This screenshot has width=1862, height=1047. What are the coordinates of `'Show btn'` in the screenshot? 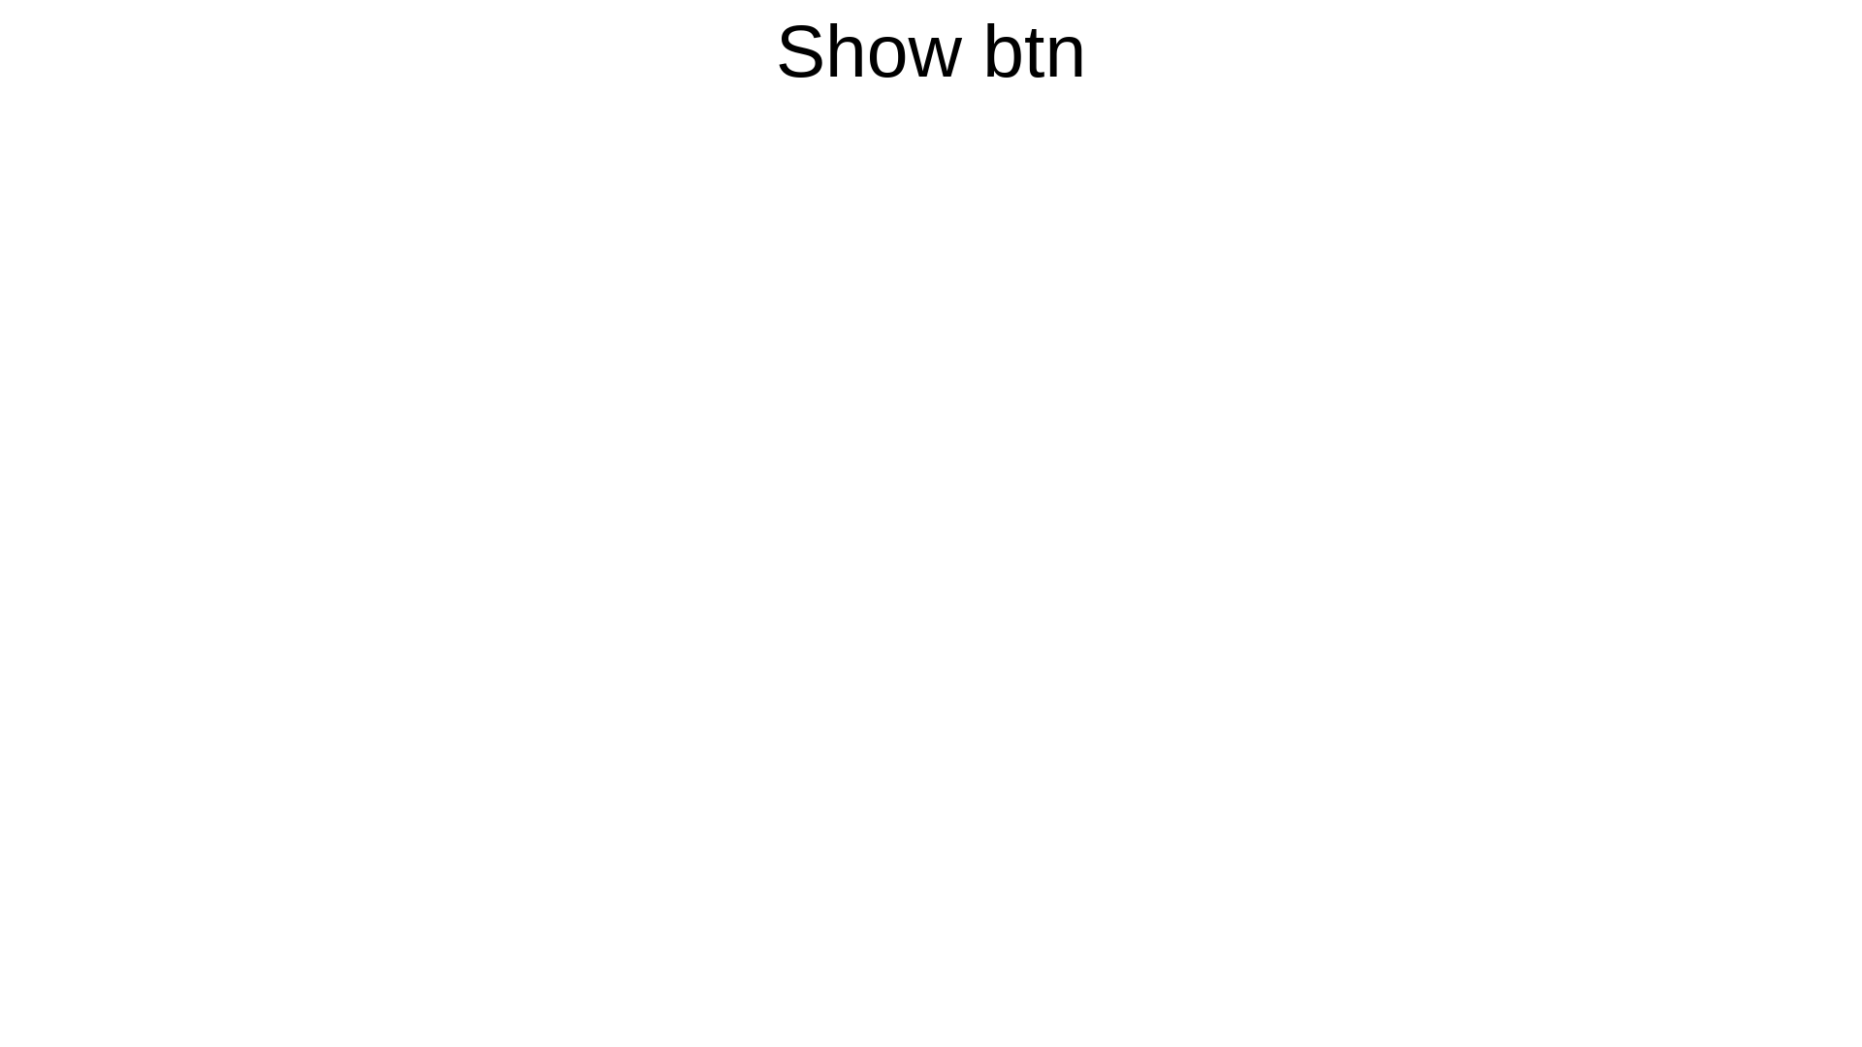 It's located at (931, 48).